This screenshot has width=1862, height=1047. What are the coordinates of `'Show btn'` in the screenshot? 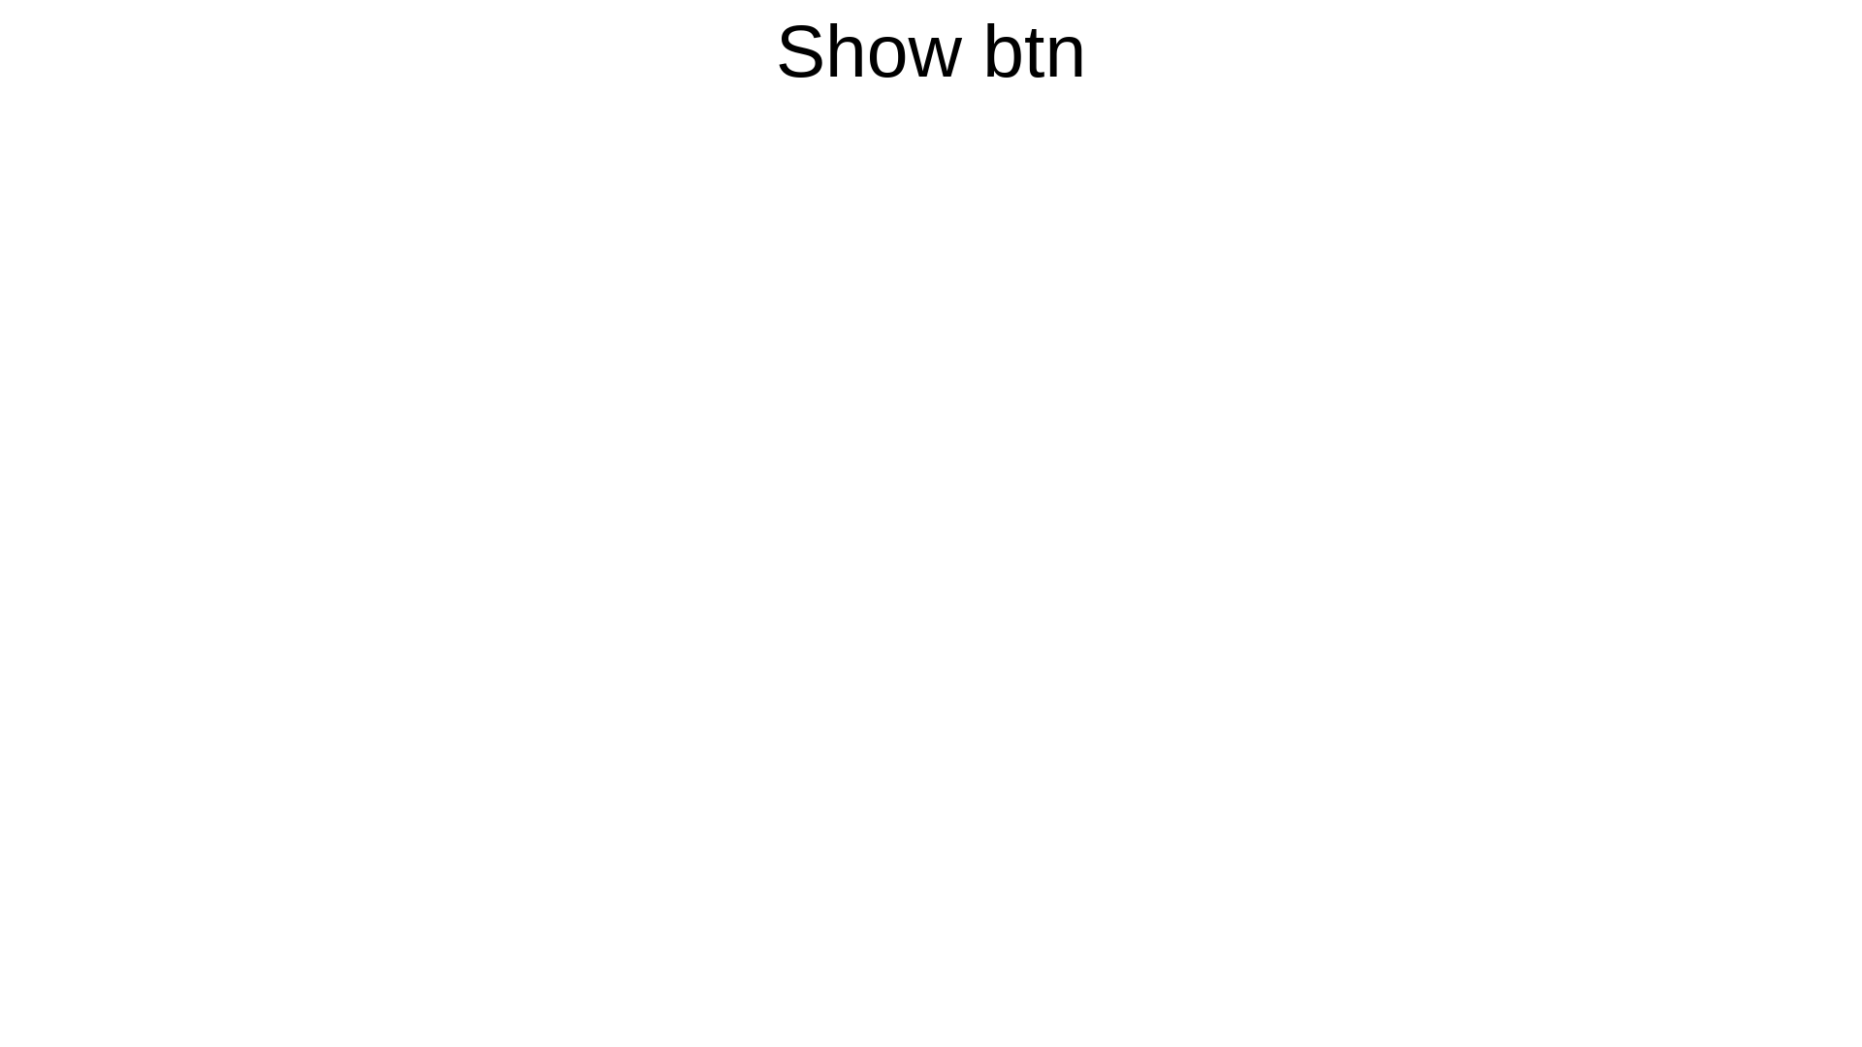 It's located at (931, 48).